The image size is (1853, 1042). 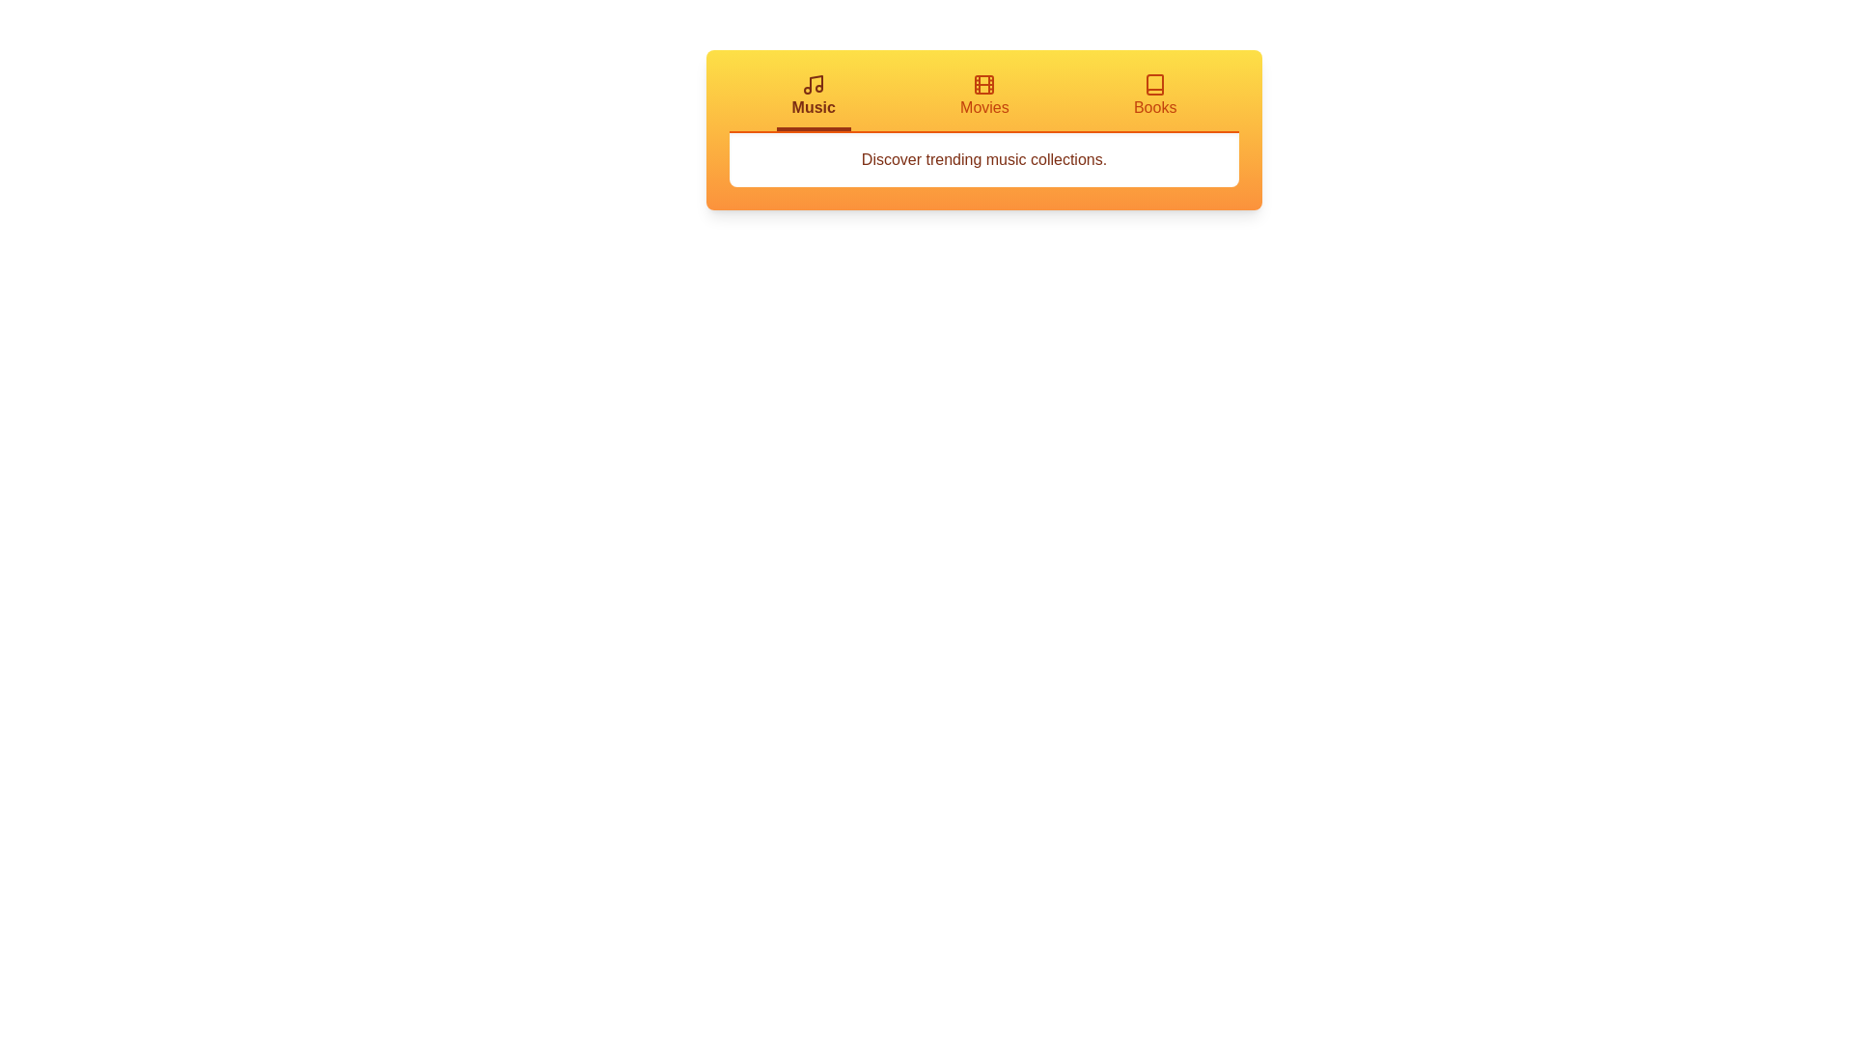 I want to click on the Movies tab to switch to it, so click(x=984, y=101).